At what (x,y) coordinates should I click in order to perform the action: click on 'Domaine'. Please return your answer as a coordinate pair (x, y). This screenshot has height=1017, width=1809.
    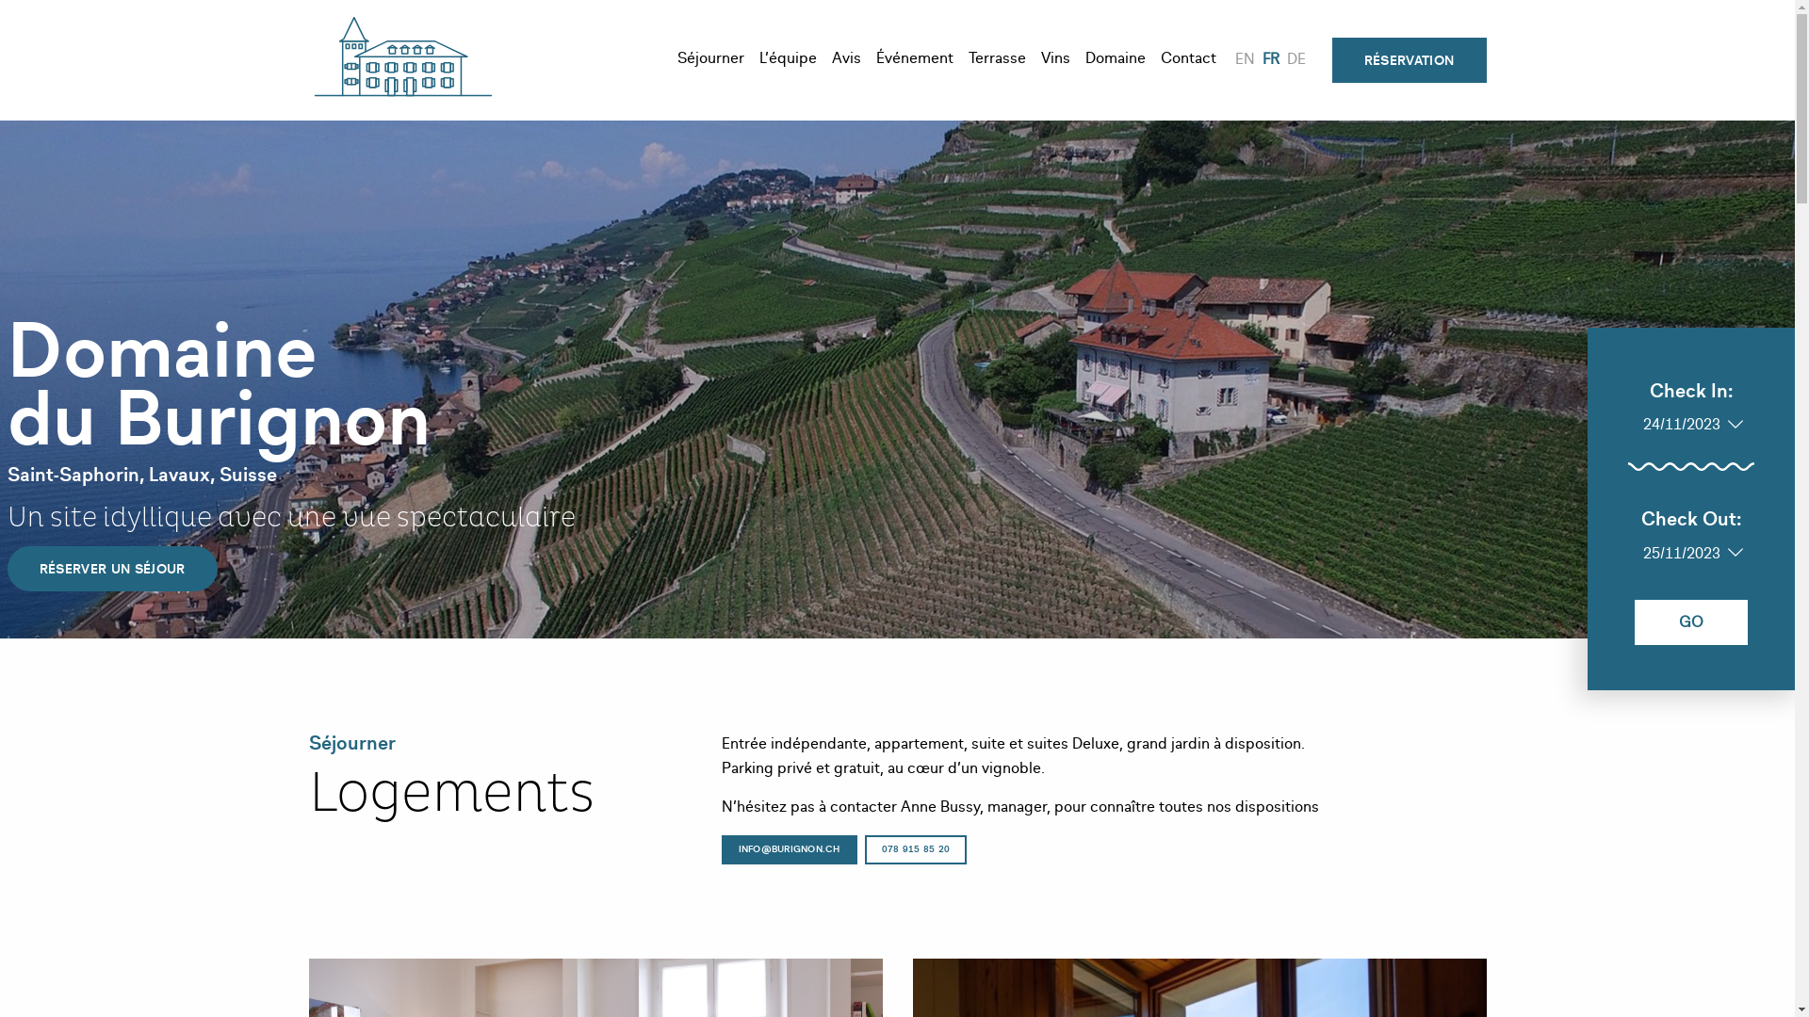
    Looking at the image, I should click on (1116, 59).